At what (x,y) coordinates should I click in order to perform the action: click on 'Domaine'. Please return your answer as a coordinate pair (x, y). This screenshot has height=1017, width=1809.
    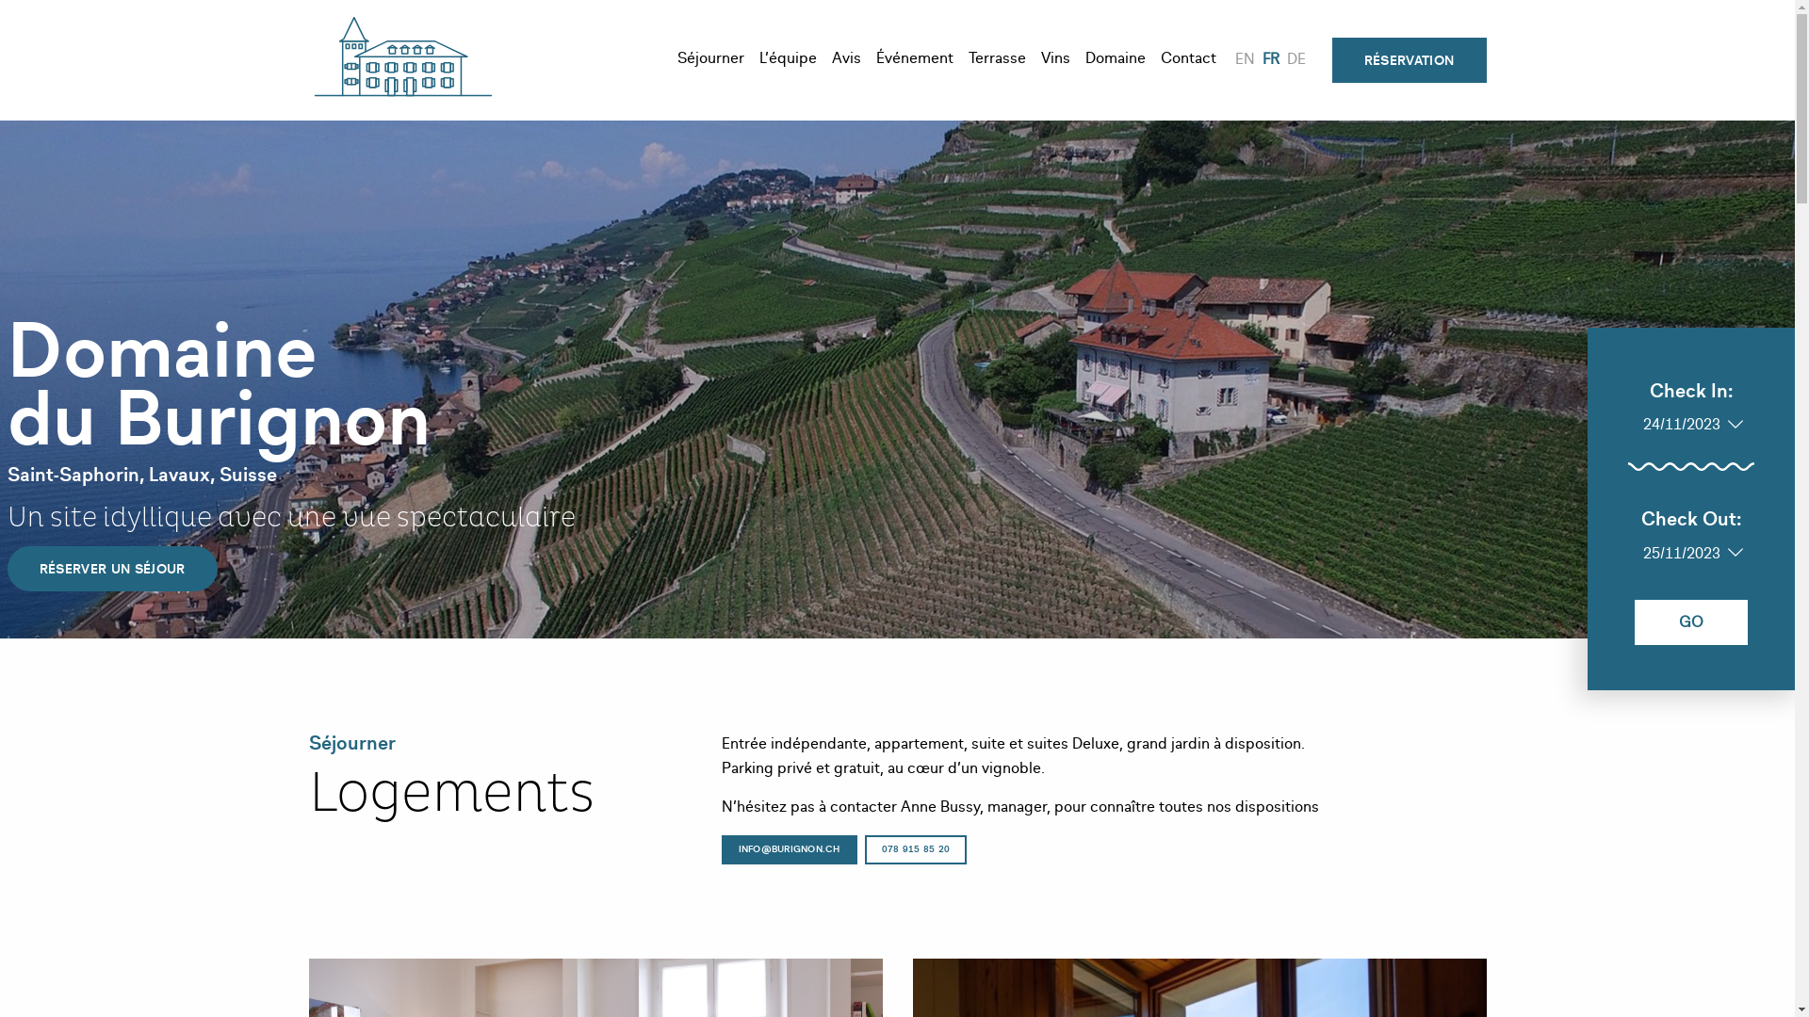
    Looking at the image, I should click on (1116, 59).